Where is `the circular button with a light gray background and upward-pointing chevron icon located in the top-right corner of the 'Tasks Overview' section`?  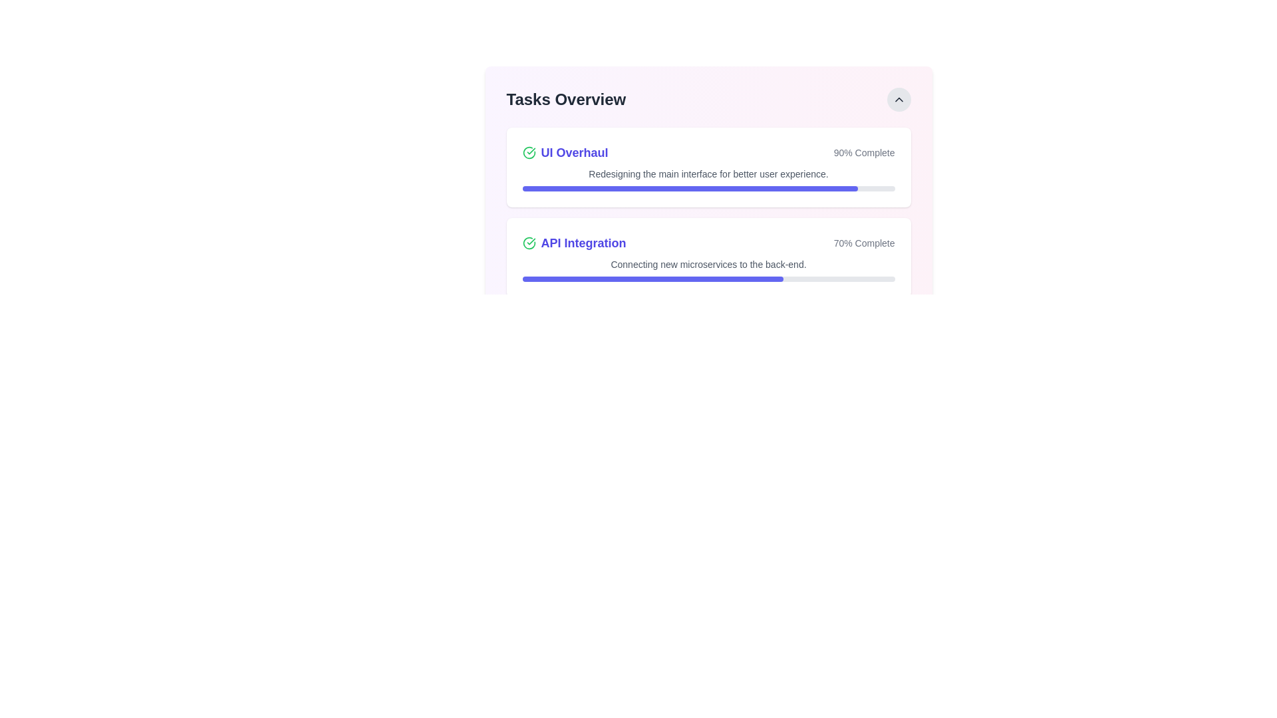
the circular button with a light gray background and upward-pointing chevron icon located in the top-right corner of the 'Tasks Overview' section is located at coordinates (899, 99).